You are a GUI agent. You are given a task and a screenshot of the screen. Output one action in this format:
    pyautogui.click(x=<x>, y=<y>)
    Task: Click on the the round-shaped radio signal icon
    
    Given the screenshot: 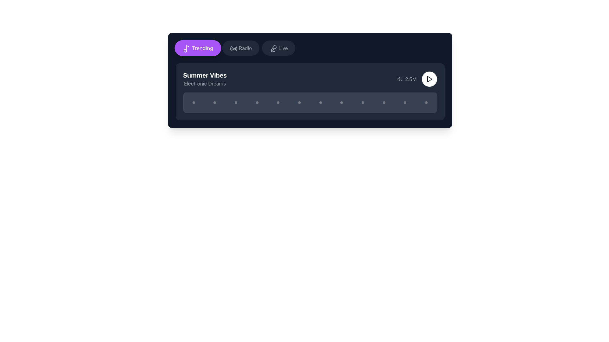 What is the action you would take?
    pyautogui.click(x=233, y=47)
    